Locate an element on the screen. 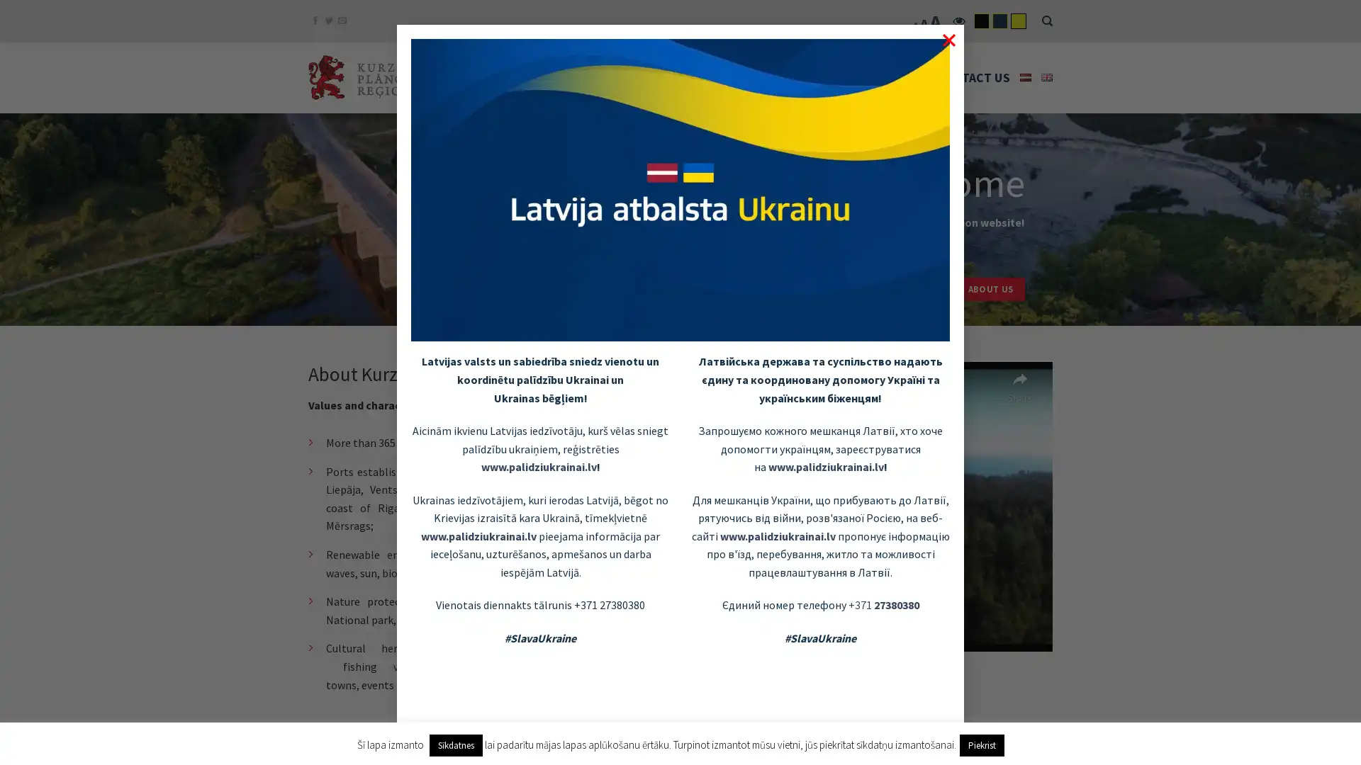 The image size is (1361, 765). Piekrist is located at coordinates (980, 744).